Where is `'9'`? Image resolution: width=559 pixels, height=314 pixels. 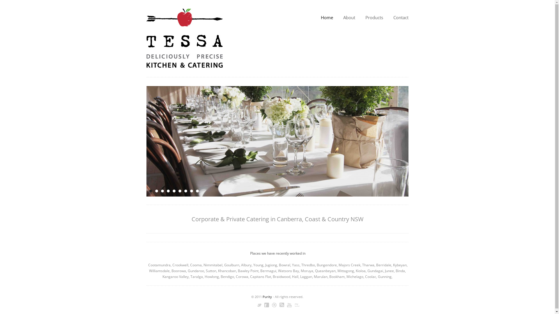
'9' is located at coordinates (197, 191).